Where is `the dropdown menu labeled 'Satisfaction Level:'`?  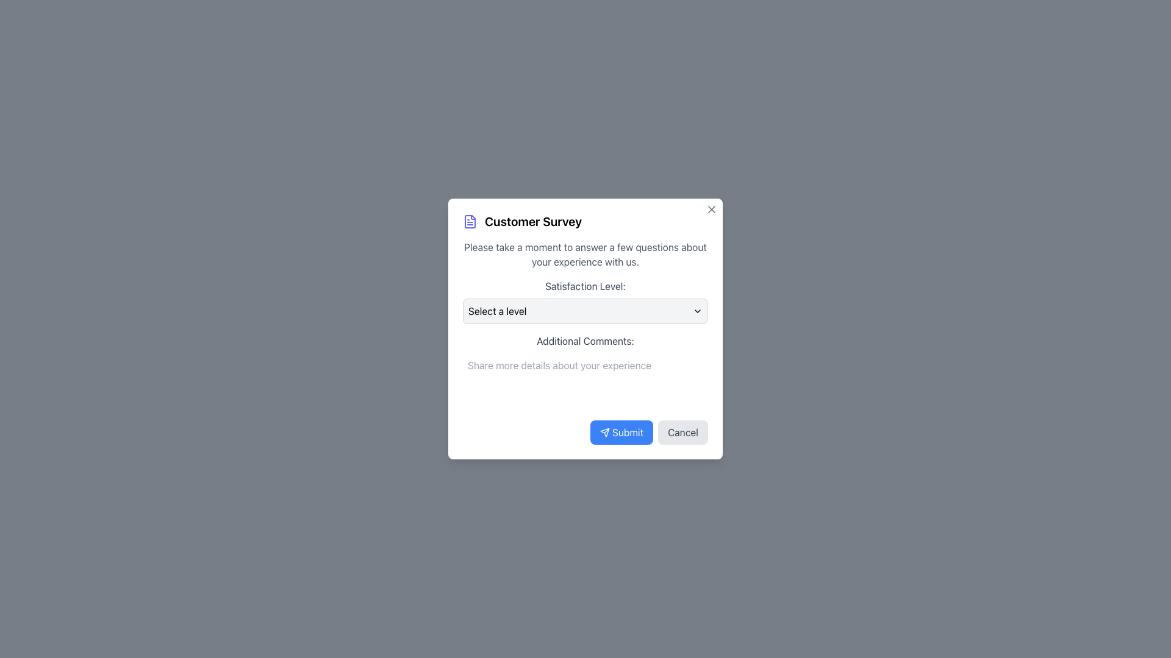
the dropdown menu labeled 'Satisfaction Level:' is located at coordinates (585, 301).